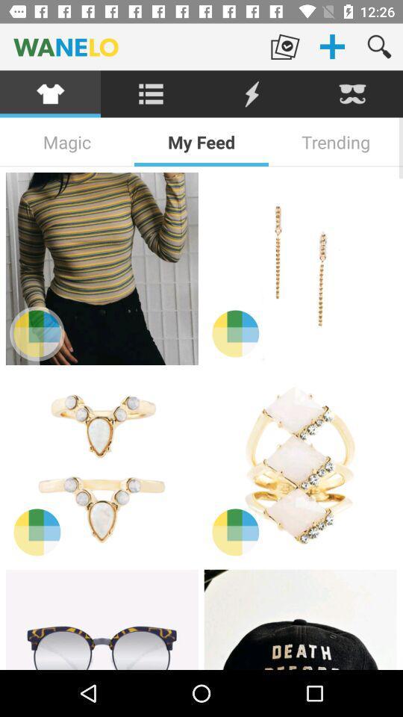 The height and width of the screenshot is (717, 403). What do you see at coordinates (300, 619) in the screenshot?
I see `picture` at bounding box center [300, 619].